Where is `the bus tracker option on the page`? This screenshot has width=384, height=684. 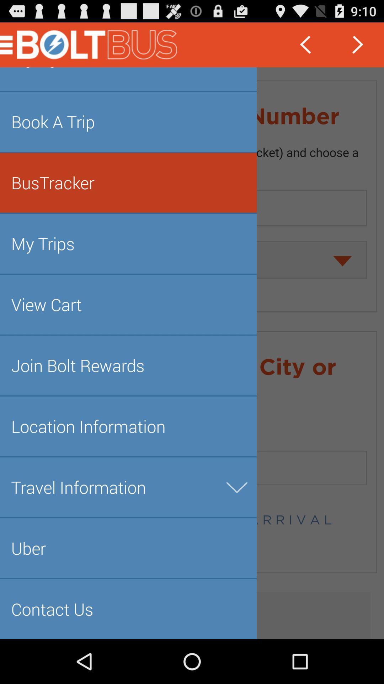 the bus tracker option on the page is located at coordinates (10, 45).